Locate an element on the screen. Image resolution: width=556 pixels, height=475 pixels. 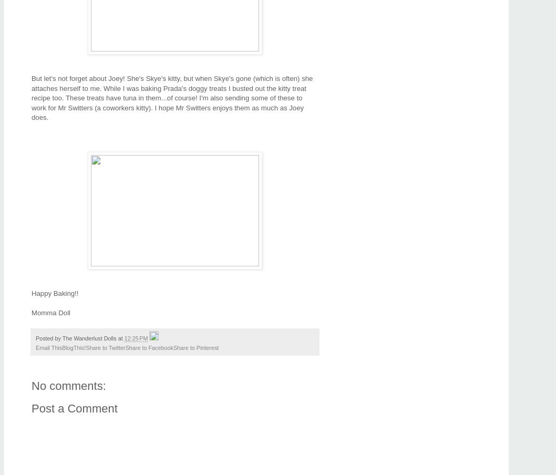
'12:25 PM' is located at coordinates (124, 338).